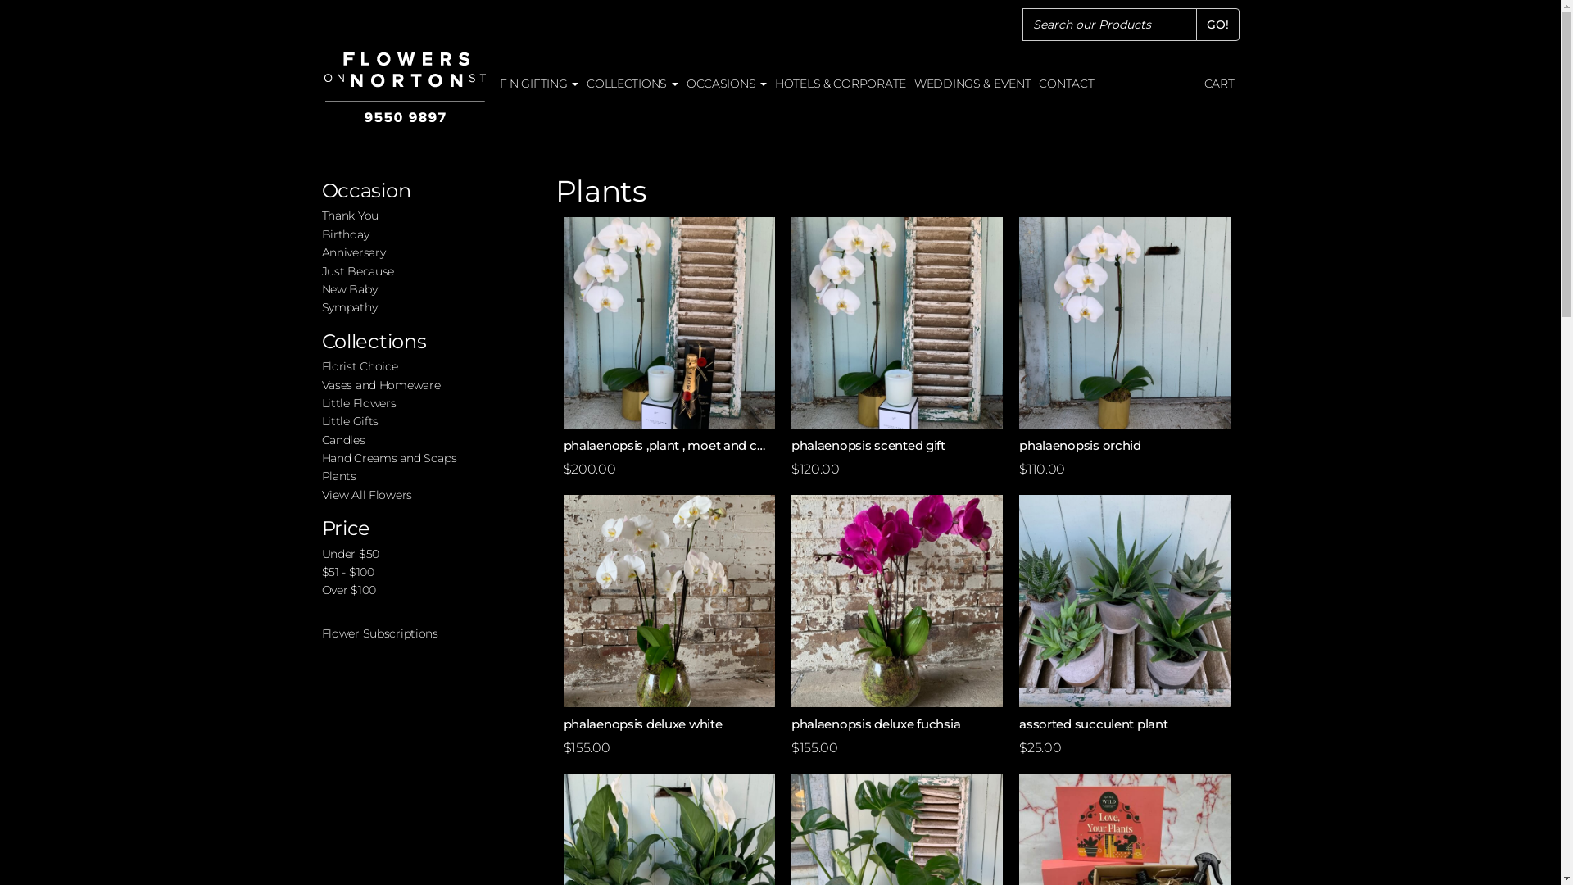 Image resolution: width=1573 pixels, height=885 pixels. I want to click on 'OCCASIONS', so click(726, 83).